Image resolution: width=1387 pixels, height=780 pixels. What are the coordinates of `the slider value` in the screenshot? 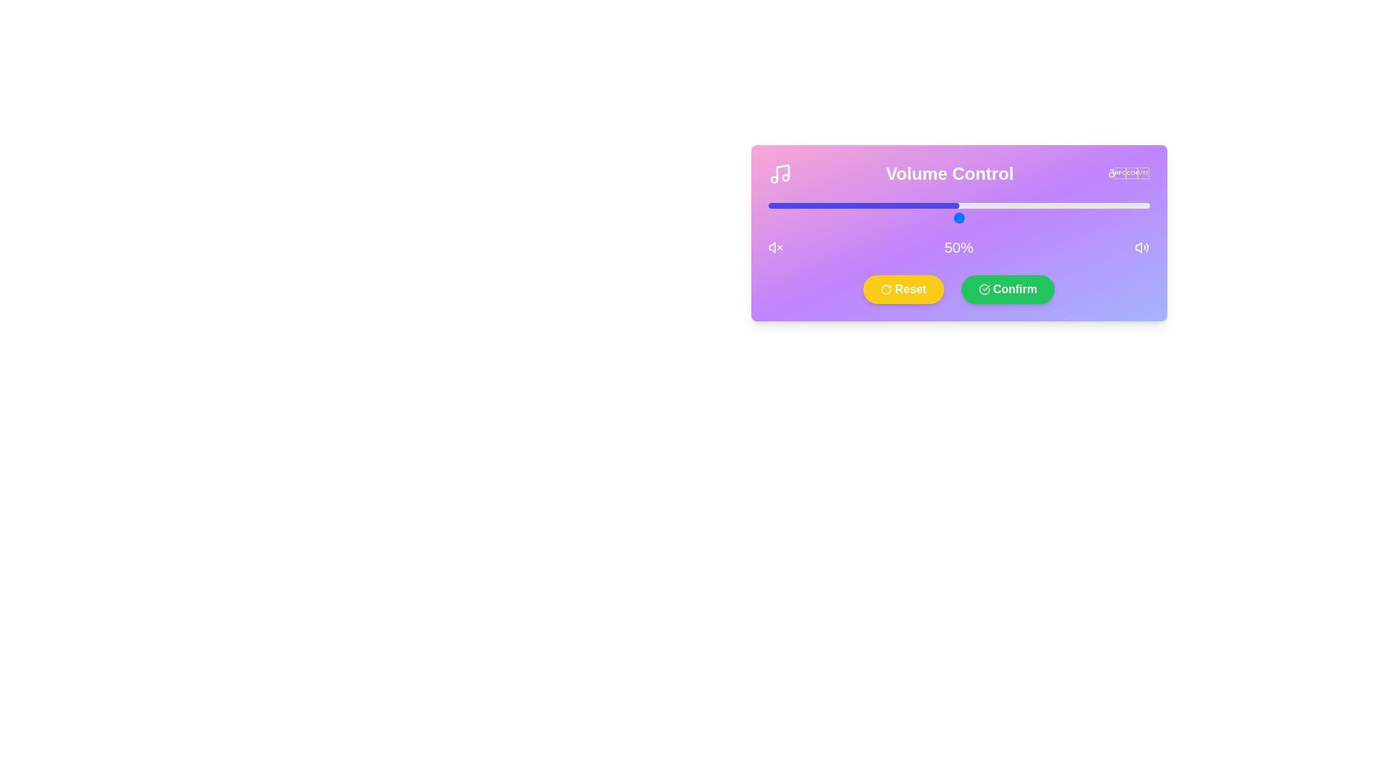 It's located at (967, 206).